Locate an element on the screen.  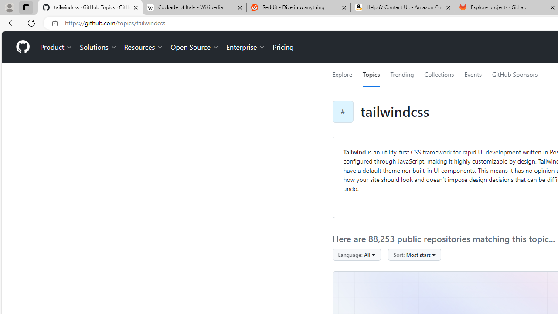
'Explore' is located at coordinates (342, 74).